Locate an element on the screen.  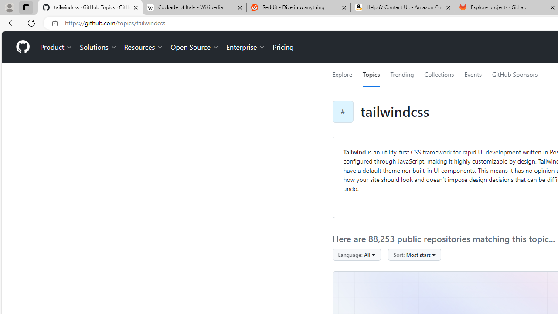
'Explore' is located at coordinates (342, 74).